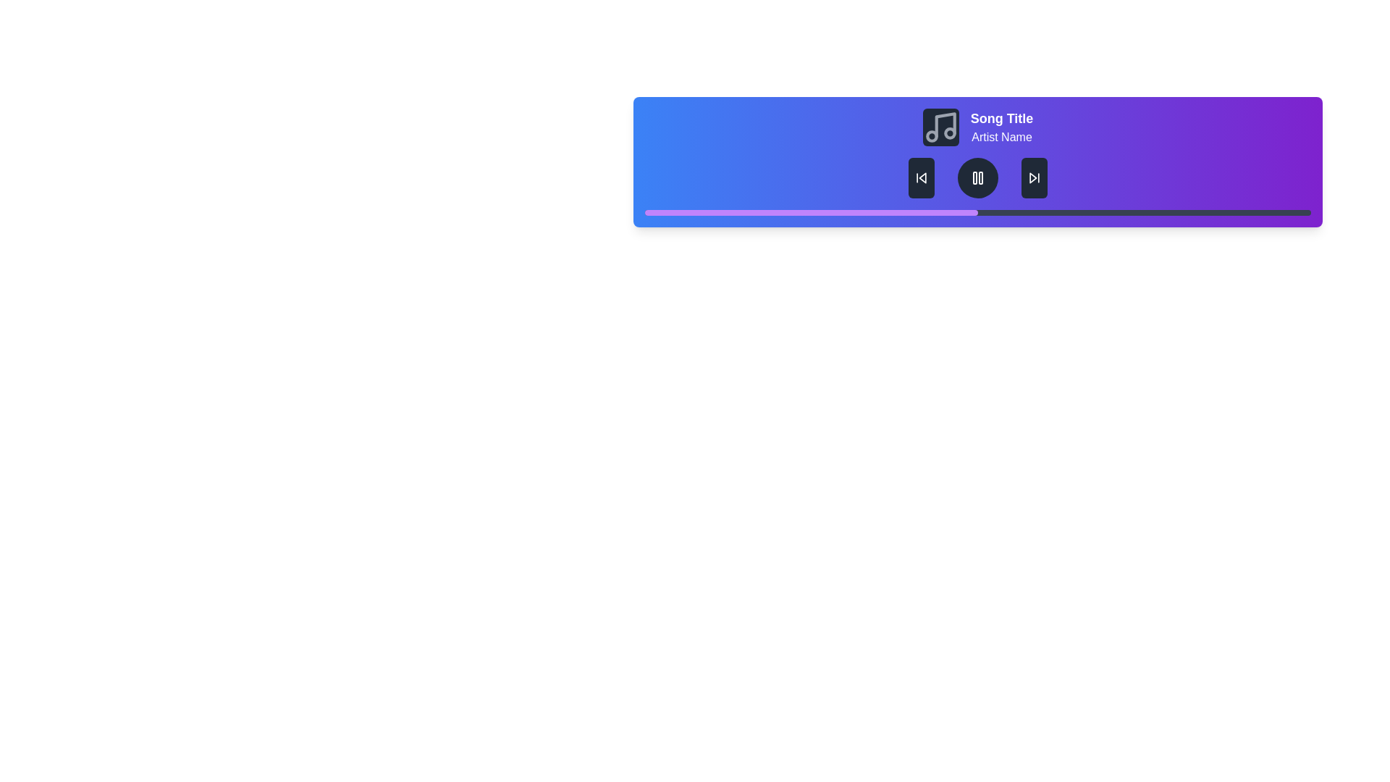  What do you see at coordinates (950, 133) in the screenshot?
I see `the Decorative Circle element within the SVG Graphic, which is the third circular shape positioned to the right of the other two circles in the music icon` at bounding box center [950, 133].